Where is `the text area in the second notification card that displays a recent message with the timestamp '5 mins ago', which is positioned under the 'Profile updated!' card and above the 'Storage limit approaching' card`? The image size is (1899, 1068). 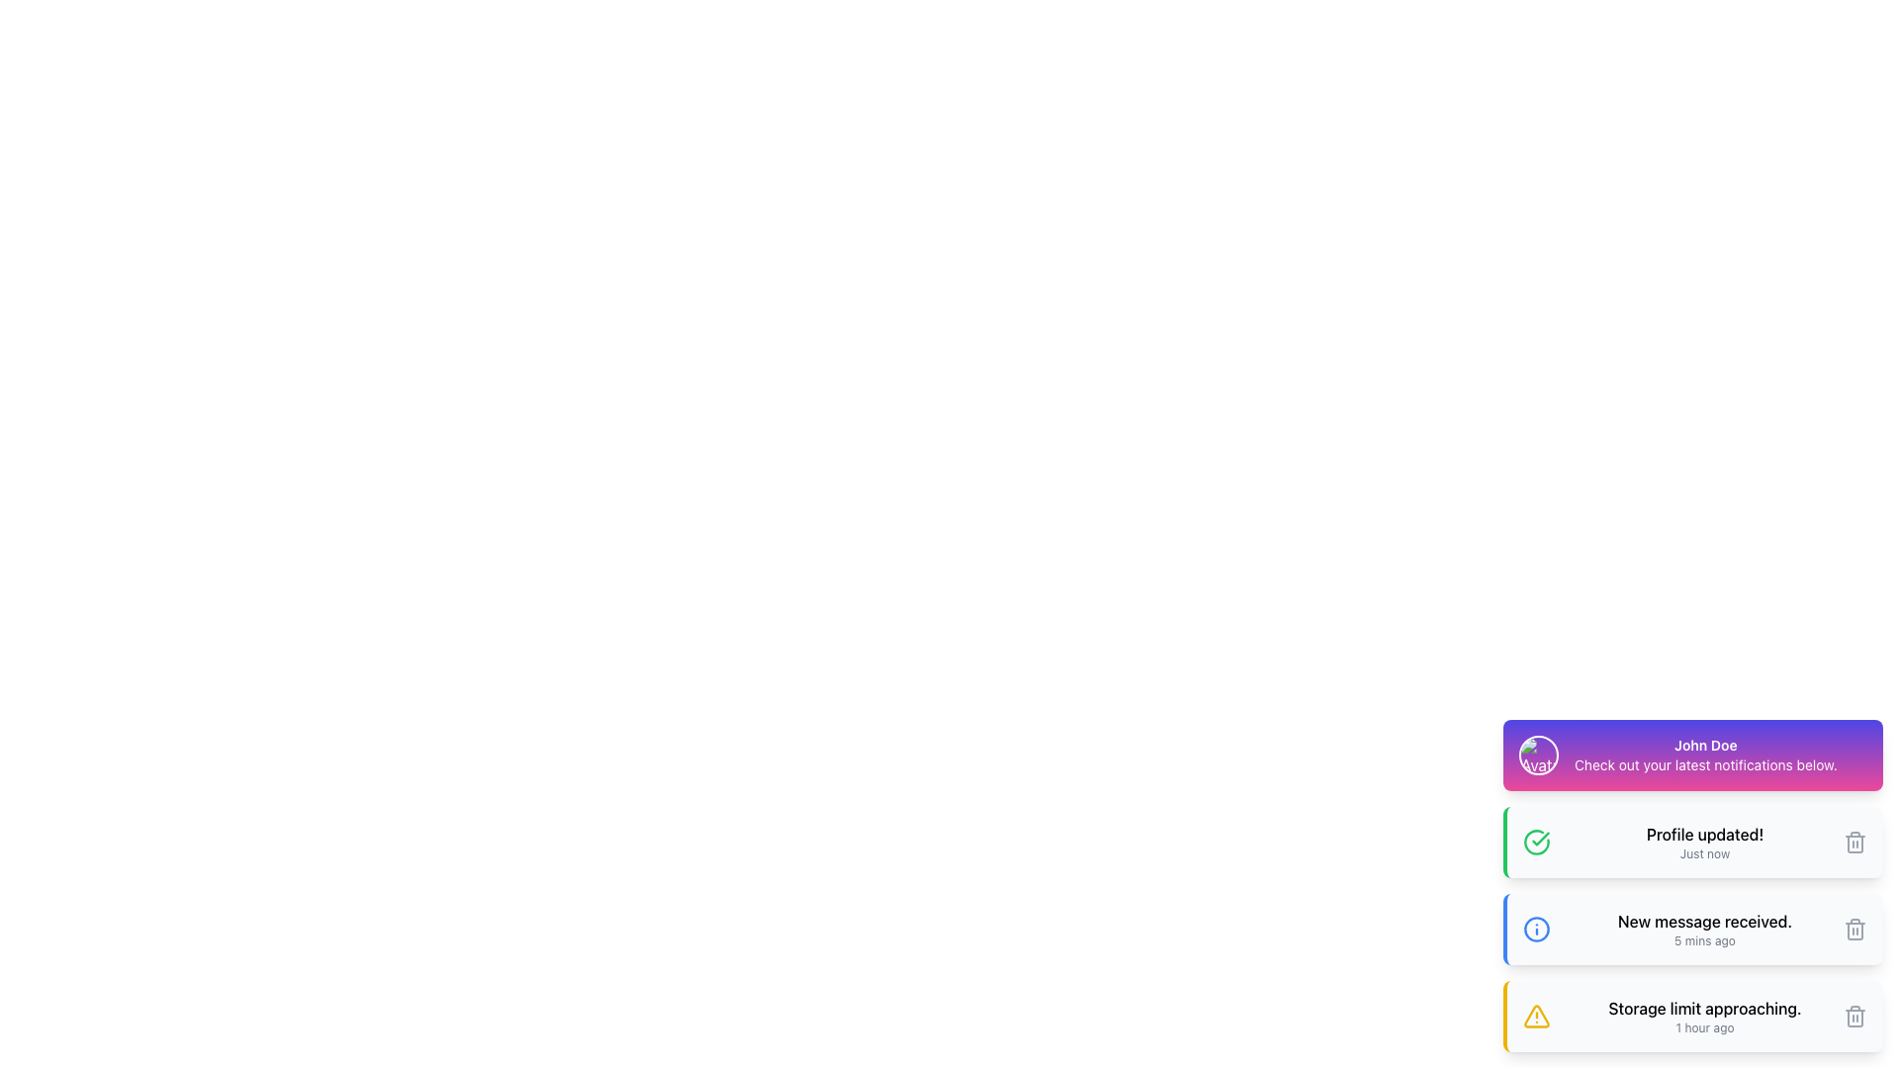 the text area in the second notification card that displays a recent message with the timestamp '5 mins ago', which is positioned under the 'Profile updated!' card and above the 'Storage limit approaching' card is located at coordinates (1703, 930).